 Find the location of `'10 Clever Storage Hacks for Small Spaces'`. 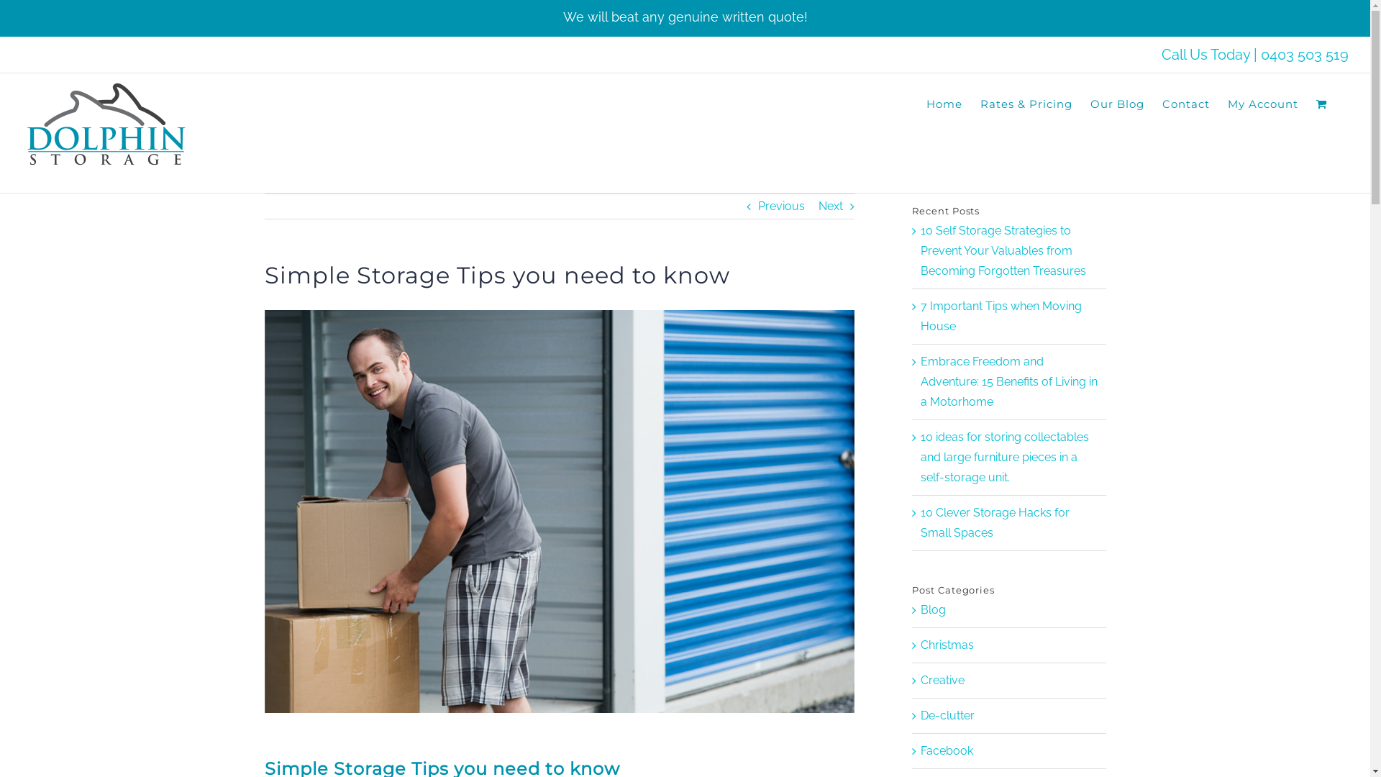

'10 Clever Storage Hacks for Small Spaces' is located at coordinates (994, 522).